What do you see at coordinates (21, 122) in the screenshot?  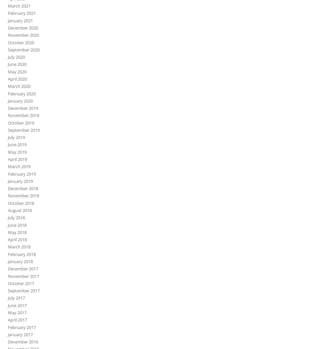 I see `'October 2019'` at bounding box center [21, 122].